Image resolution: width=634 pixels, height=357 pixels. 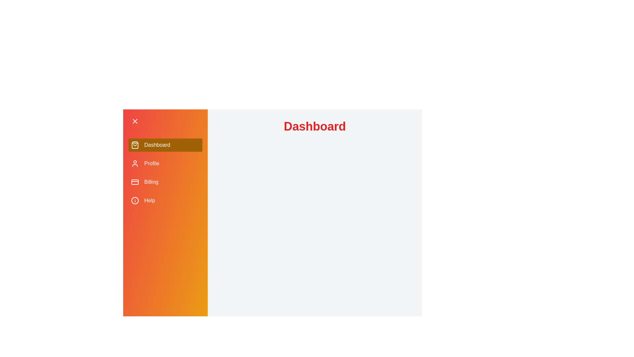 What do you see at coordinates (165, 163) in the screenshot?
I see `the menu item Profile to navigate to the corresponding section` at bounding box center [165, 163].